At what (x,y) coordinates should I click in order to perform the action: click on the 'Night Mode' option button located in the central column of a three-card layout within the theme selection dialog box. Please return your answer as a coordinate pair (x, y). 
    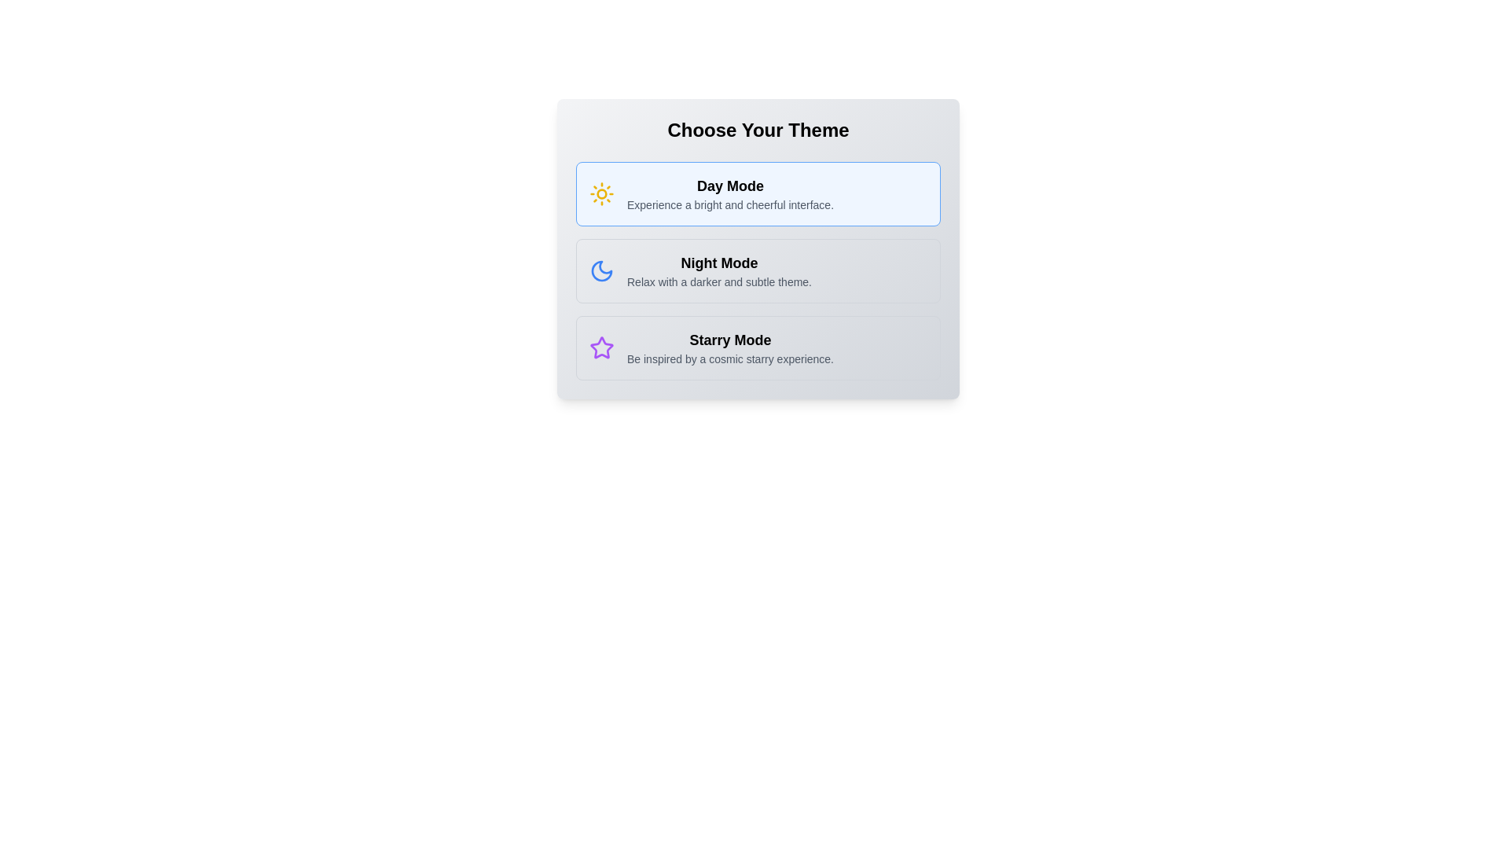
    Looking at the image, I should click on (758, 248).